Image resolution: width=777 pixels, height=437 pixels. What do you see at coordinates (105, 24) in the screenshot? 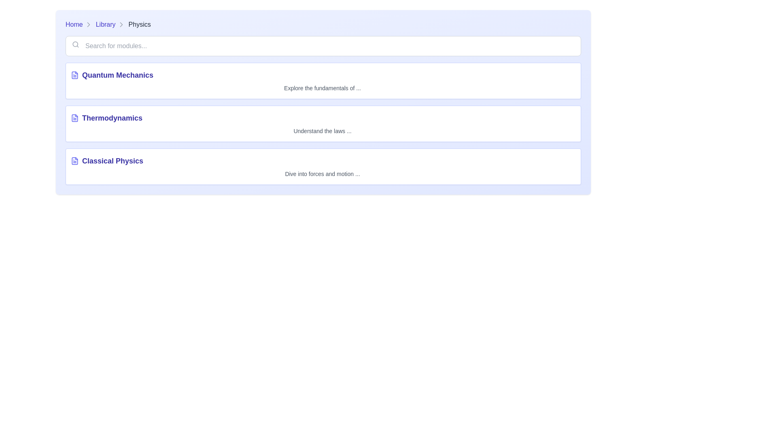
I see `the 'Library' clickable text link, which is the second item in the breadcrumb navigation located between 'Home' and 'Physics' in the top-left portion of the interface` at bounding box center [105, 24].